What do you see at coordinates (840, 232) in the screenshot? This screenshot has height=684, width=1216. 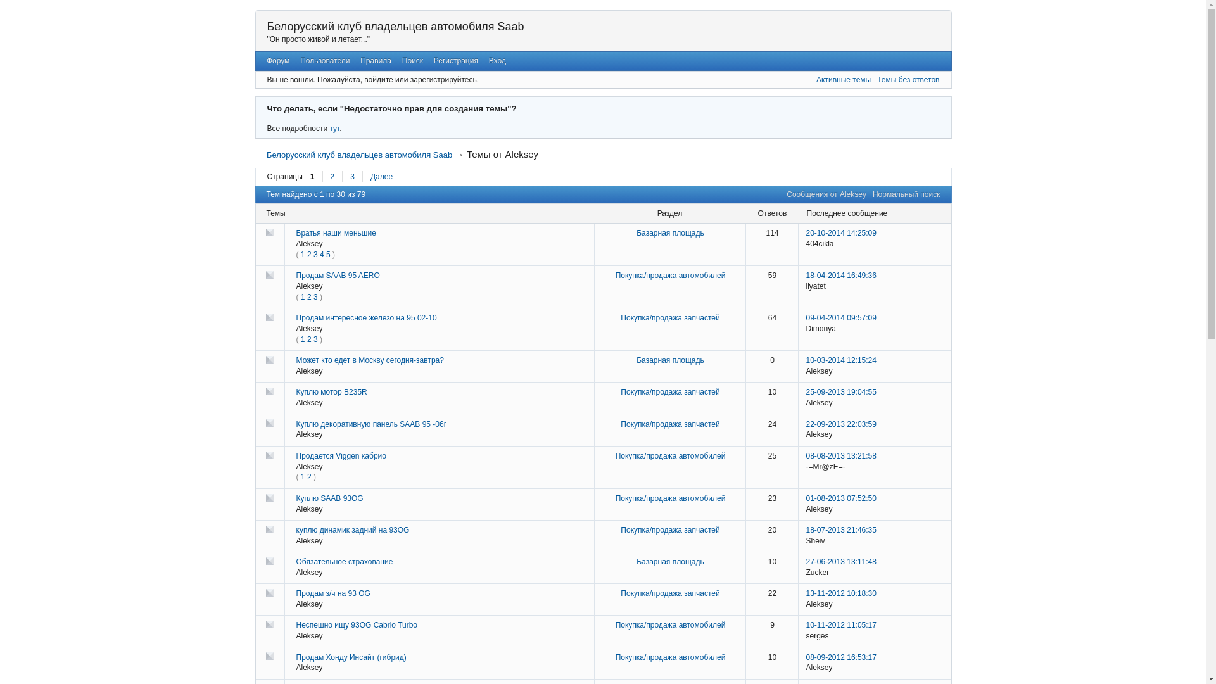 I see `'20-10-2014 14:25:09'` at bounding box center [840, 232].